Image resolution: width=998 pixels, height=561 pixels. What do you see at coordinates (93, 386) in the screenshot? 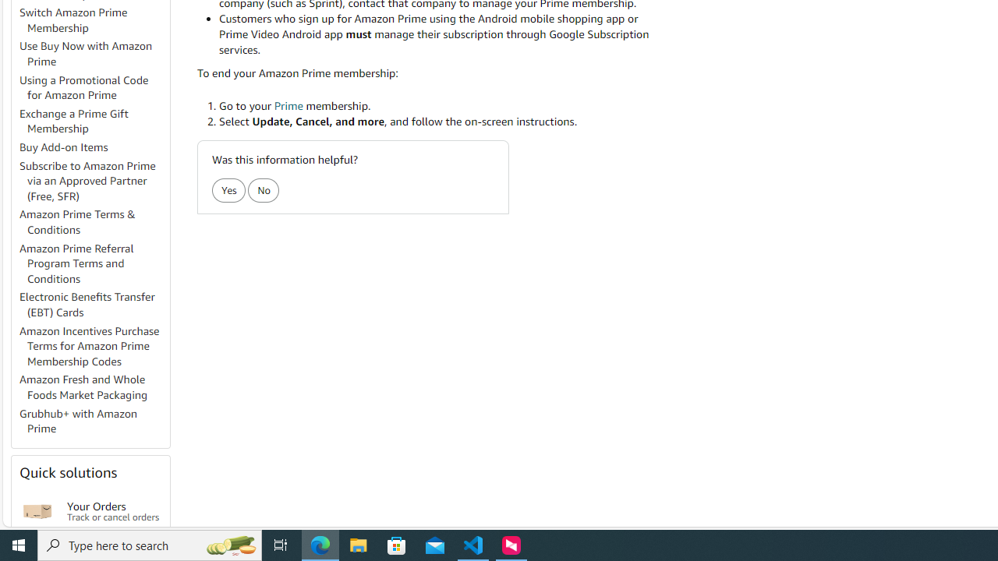
I see `'Amazon Fresh and Whole Foods Market Packaging'` at bounding box center [93, 386].